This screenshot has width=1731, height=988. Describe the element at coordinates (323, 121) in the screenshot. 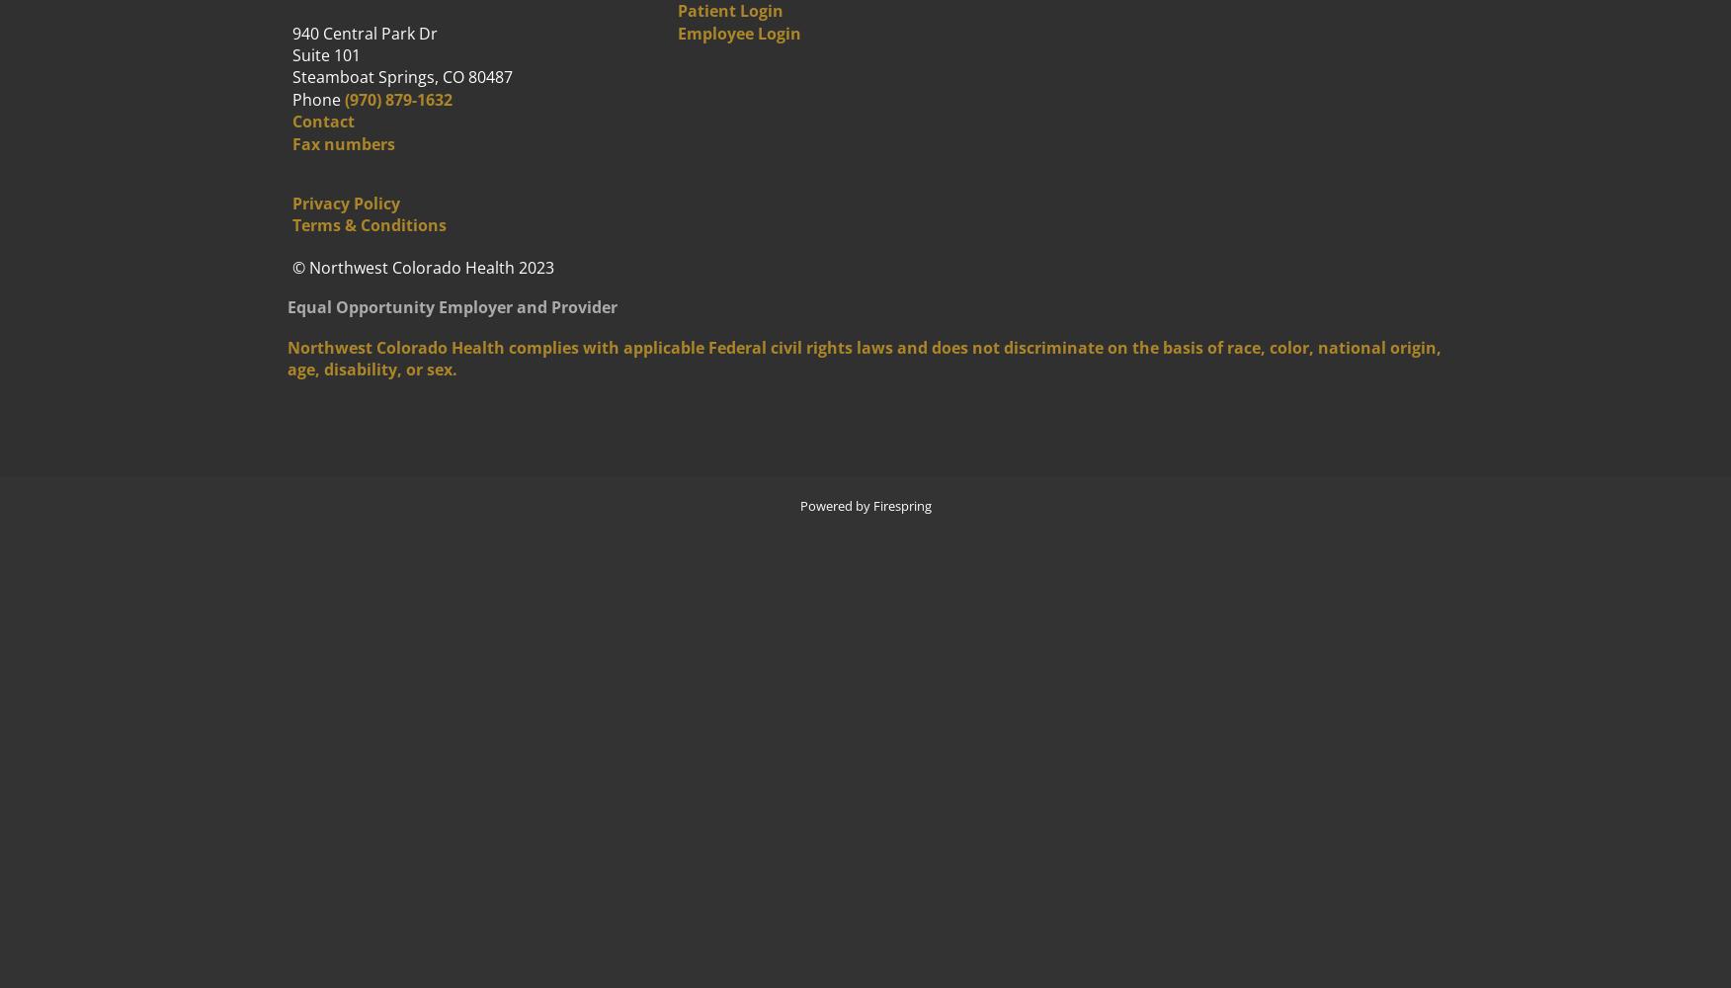

I see `'Contact'` at that location.